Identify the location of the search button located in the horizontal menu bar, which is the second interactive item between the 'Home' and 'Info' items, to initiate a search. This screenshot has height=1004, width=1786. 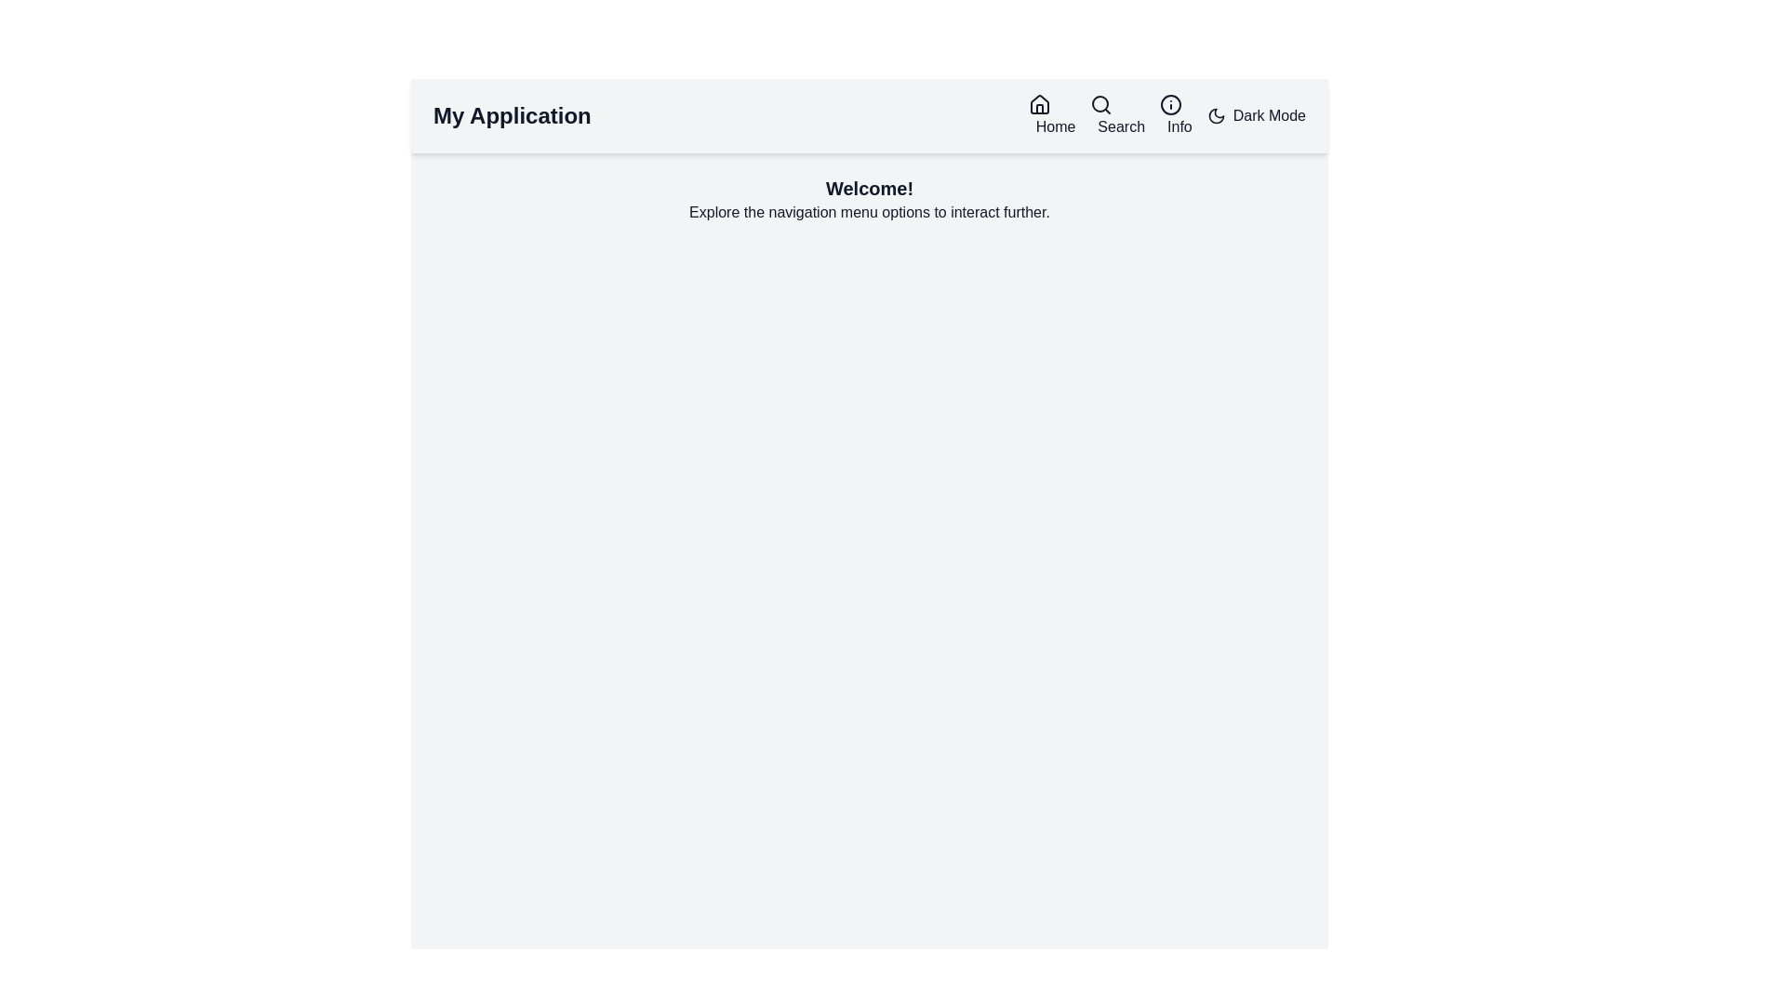
(1116, 115).